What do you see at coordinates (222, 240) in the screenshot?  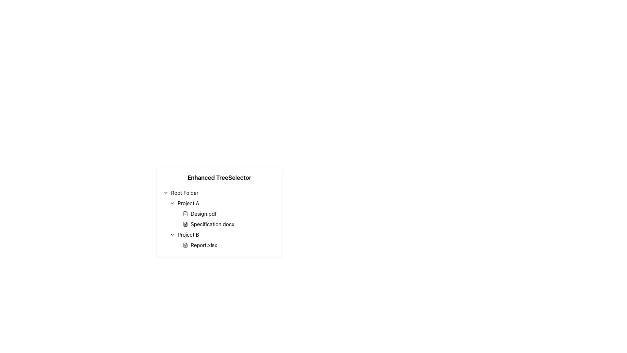 I see `the 'Report.xlsx' file within the 'Project B' folder` at bounding box center [222, 240].